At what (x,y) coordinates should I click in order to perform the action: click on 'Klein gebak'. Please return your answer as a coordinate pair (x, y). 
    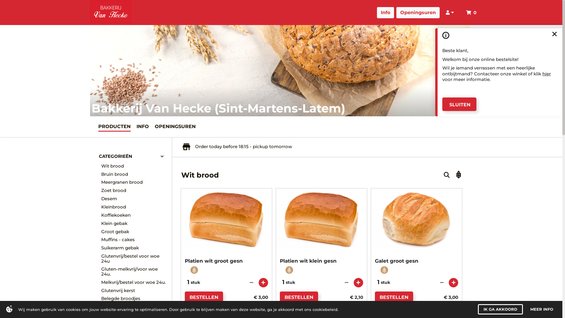
    Looking at the image, I should click on (134, 223).